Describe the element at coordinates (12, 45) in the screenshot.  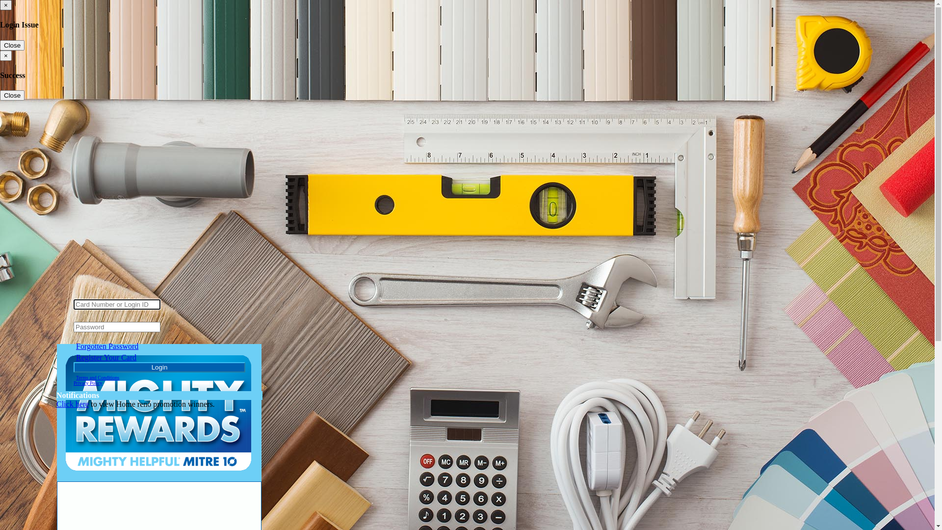
I see `'Close'` at that location.